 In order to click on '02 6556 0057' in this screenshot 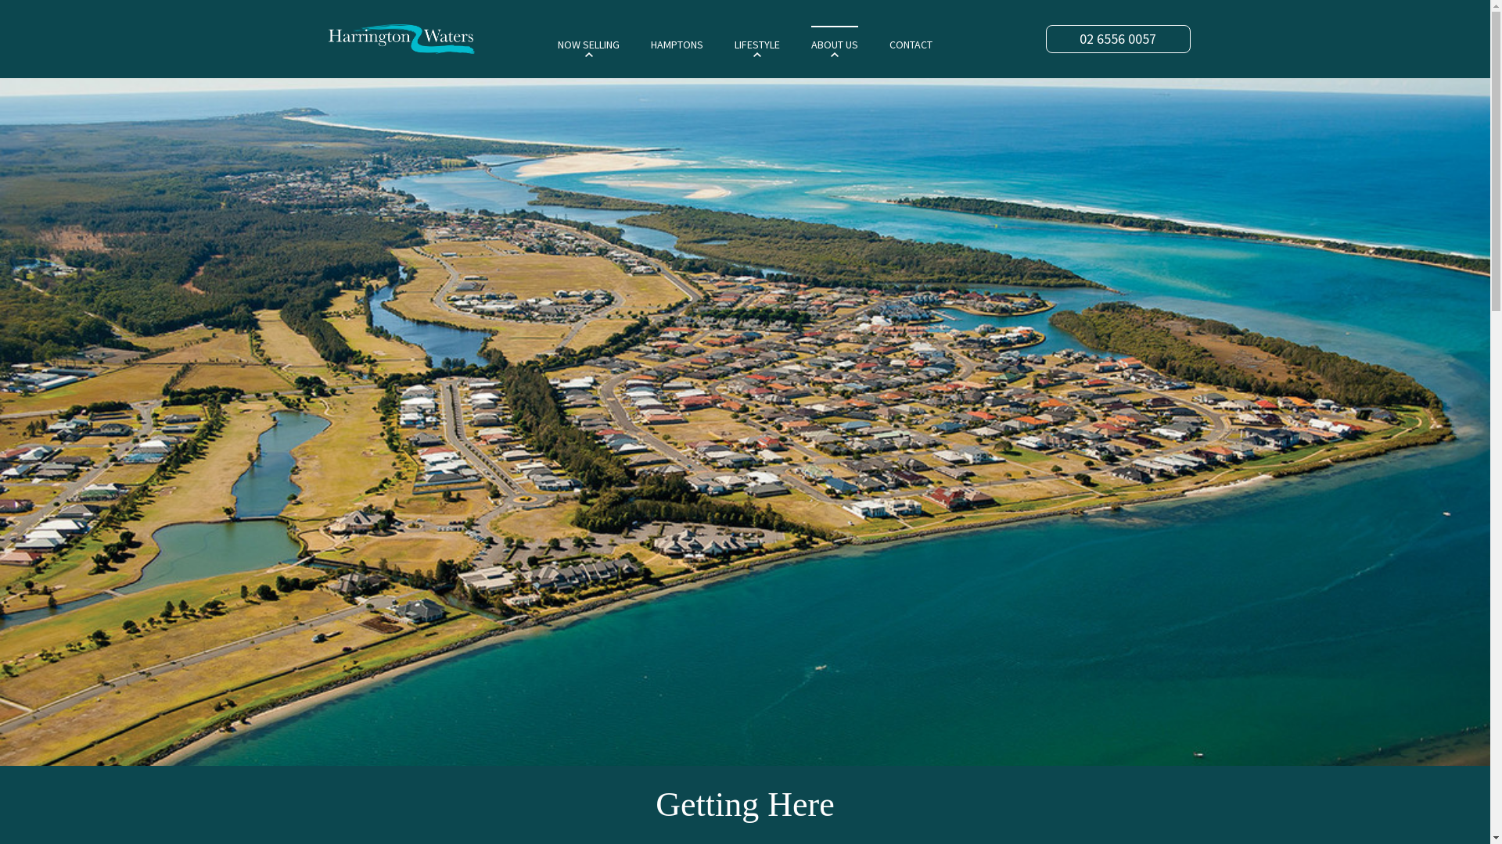, I will do `click(1044, 38)`.